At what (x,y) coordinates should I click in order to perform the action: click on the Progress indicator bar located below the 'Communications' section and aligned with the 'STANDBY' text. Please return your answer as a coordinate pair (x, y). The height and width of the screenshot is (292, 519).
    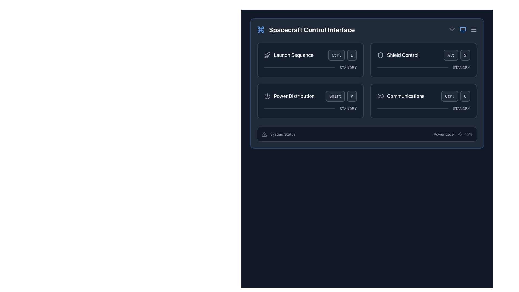
    Looking at the image, I should click on (412, 108).